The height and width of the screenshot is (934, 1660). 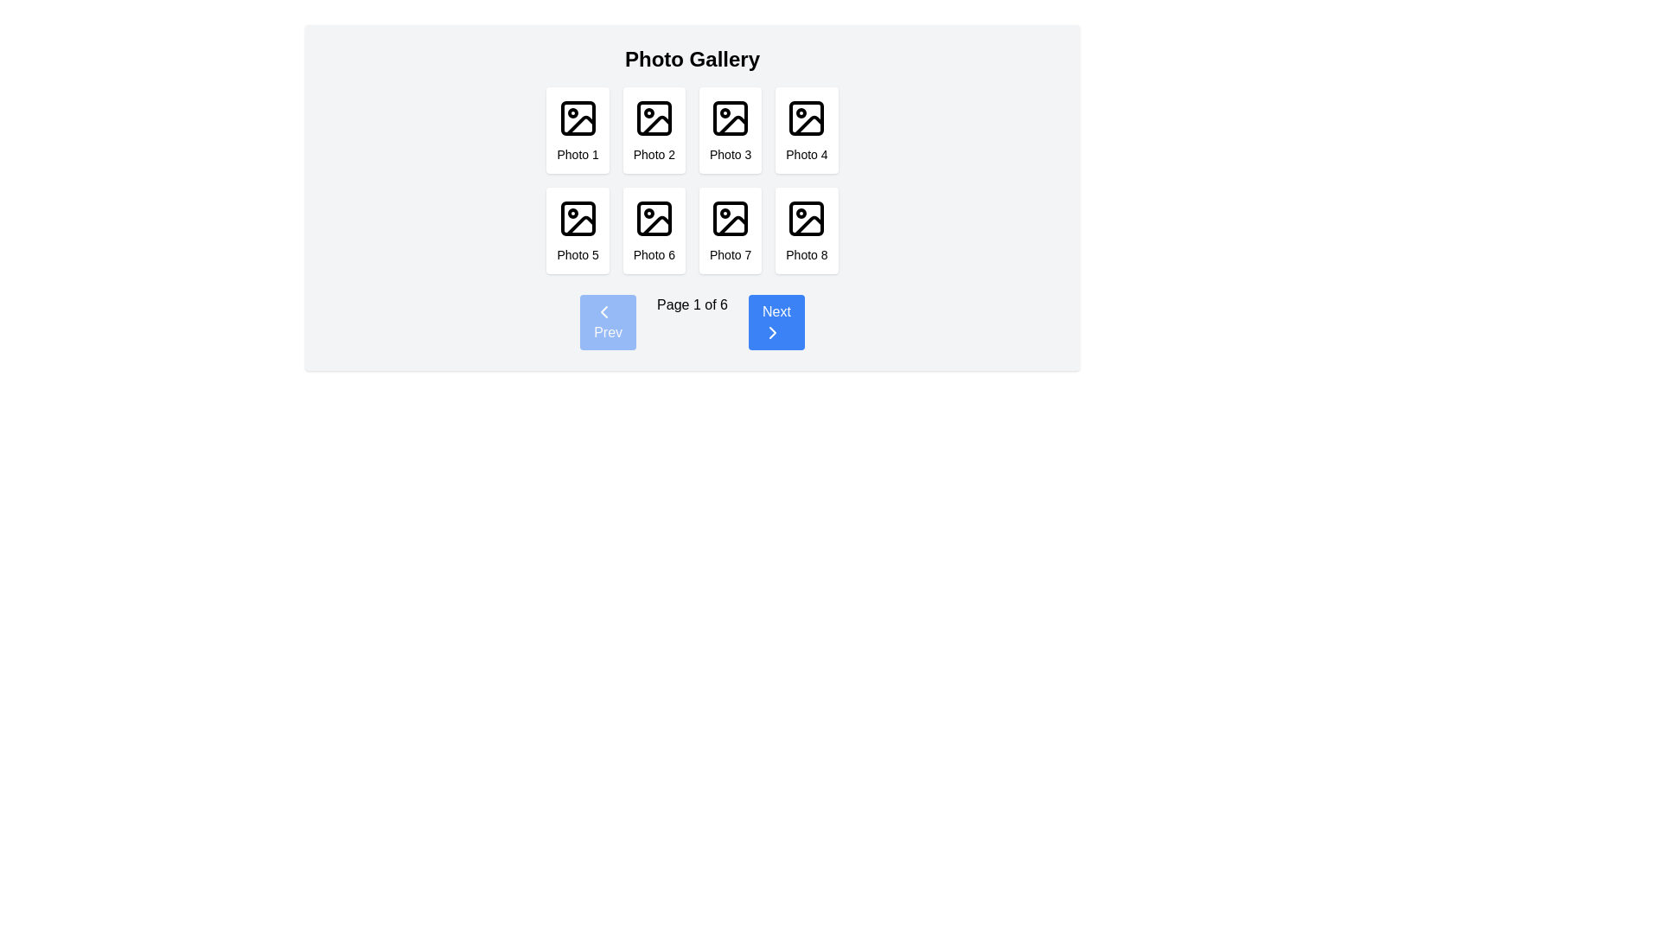 I want to click on the right chevron icon inside the 'Next' button located at the bottom right of the pagination bar beneath the photo gallery, so click(x=771, y=333).